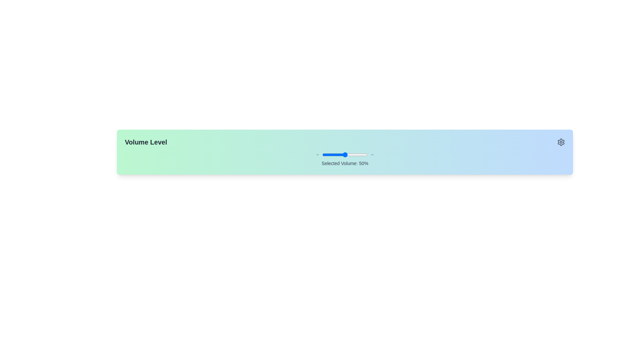 This screenshot has height=358, width=636. Describe the element at coordinates (344, 163) in the screenshot. I see `the text label displaying 'Selected Volume: 50%' which is located below the slider control in the center of the layout` at that location.